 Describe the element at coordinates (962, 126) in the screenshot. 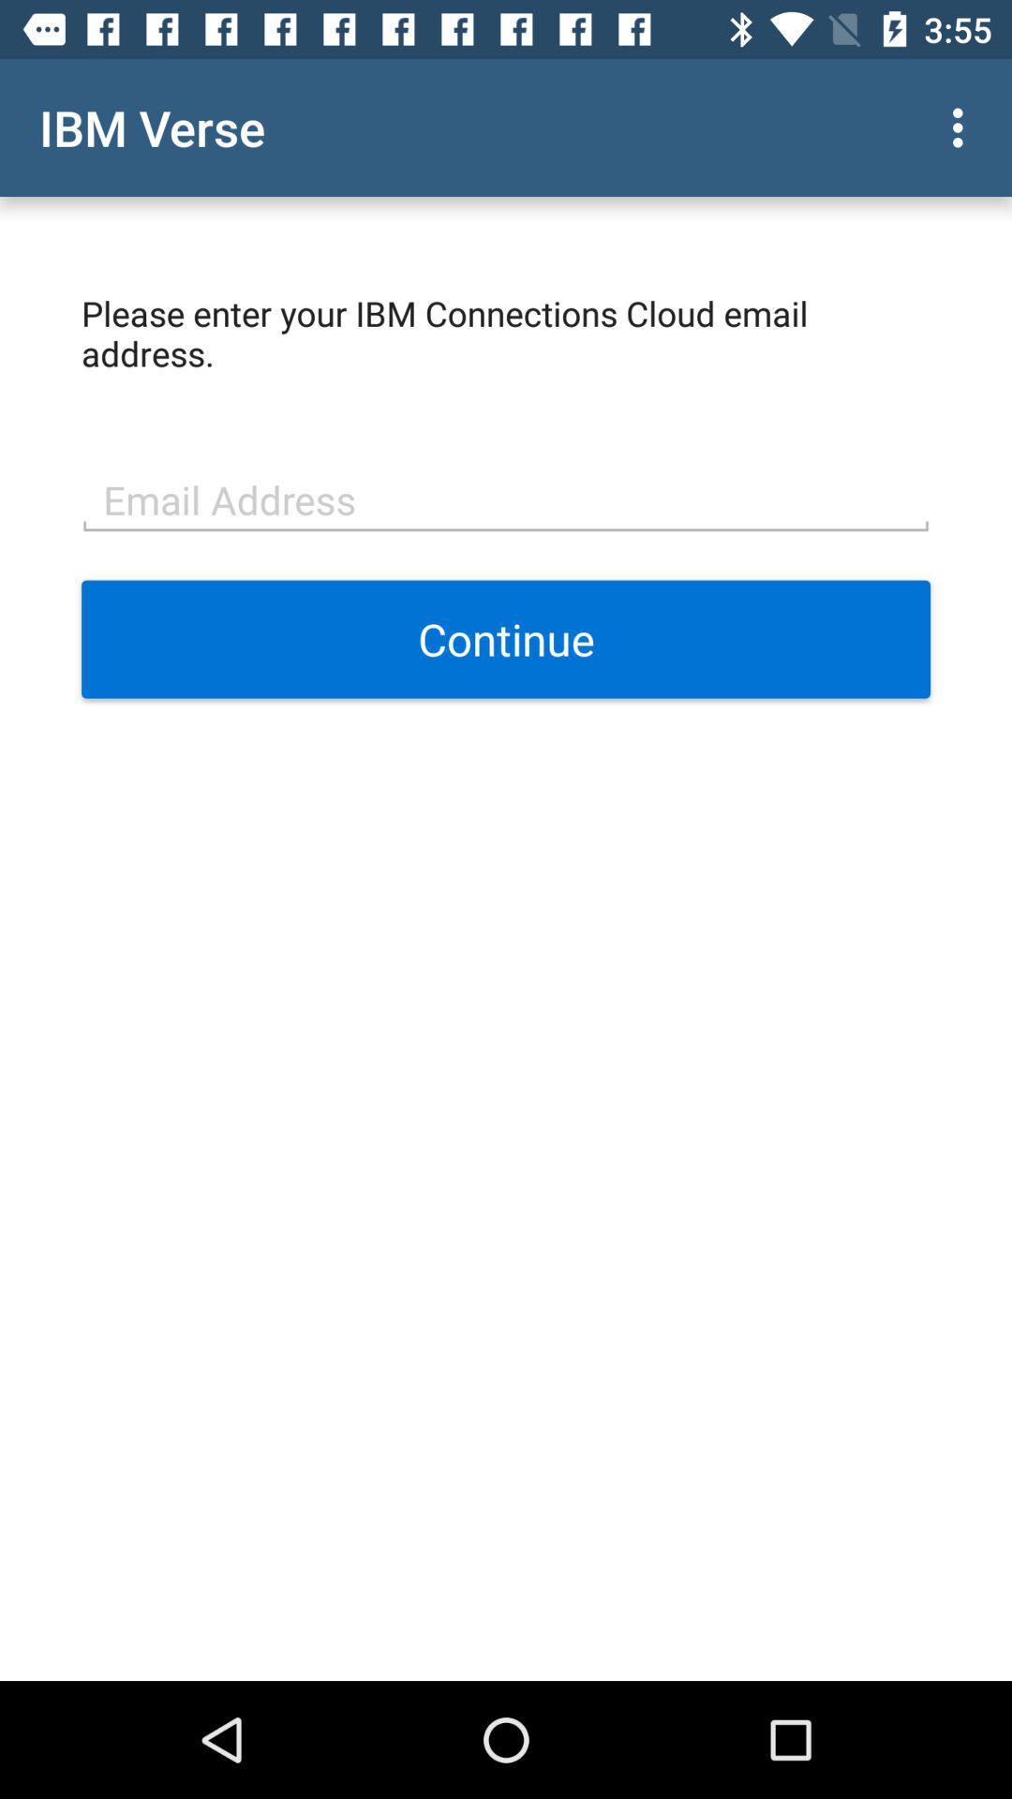

I see `item above the please enter your item` at that location.